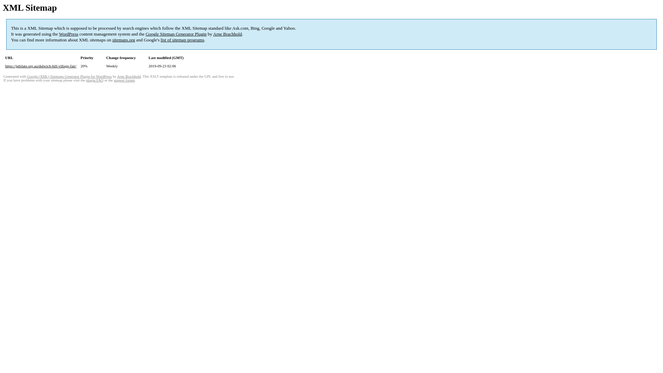 This screenshot has height=373, width=663. Describe the element at coordinates (5, 66) in the screenshot. I see `'https://jubilate.org.au/dulwich-hill-village-fair/'` at that location.